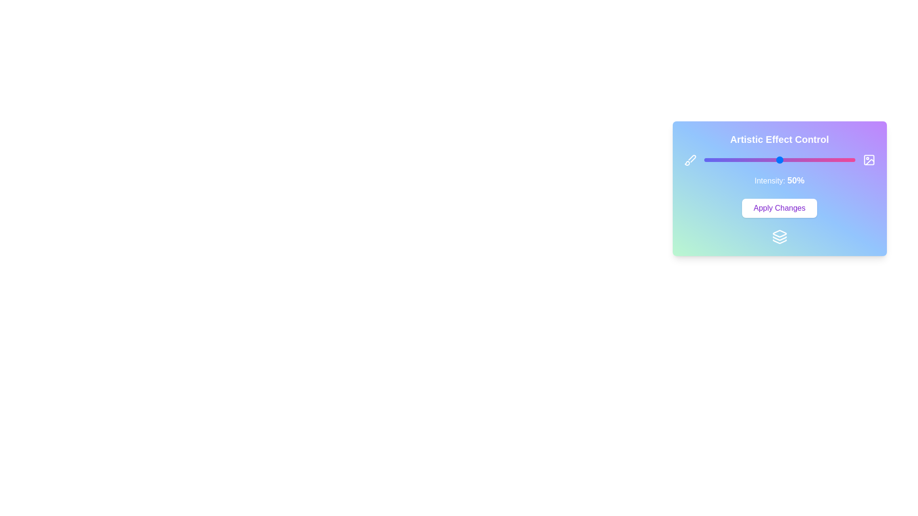 The height and width of the screenshot is (516, 918). What do you see at coordinates (849, 160) in the screenshot?
I see `the slider to set the intensity to 96%` at bounding box center [849, 160].